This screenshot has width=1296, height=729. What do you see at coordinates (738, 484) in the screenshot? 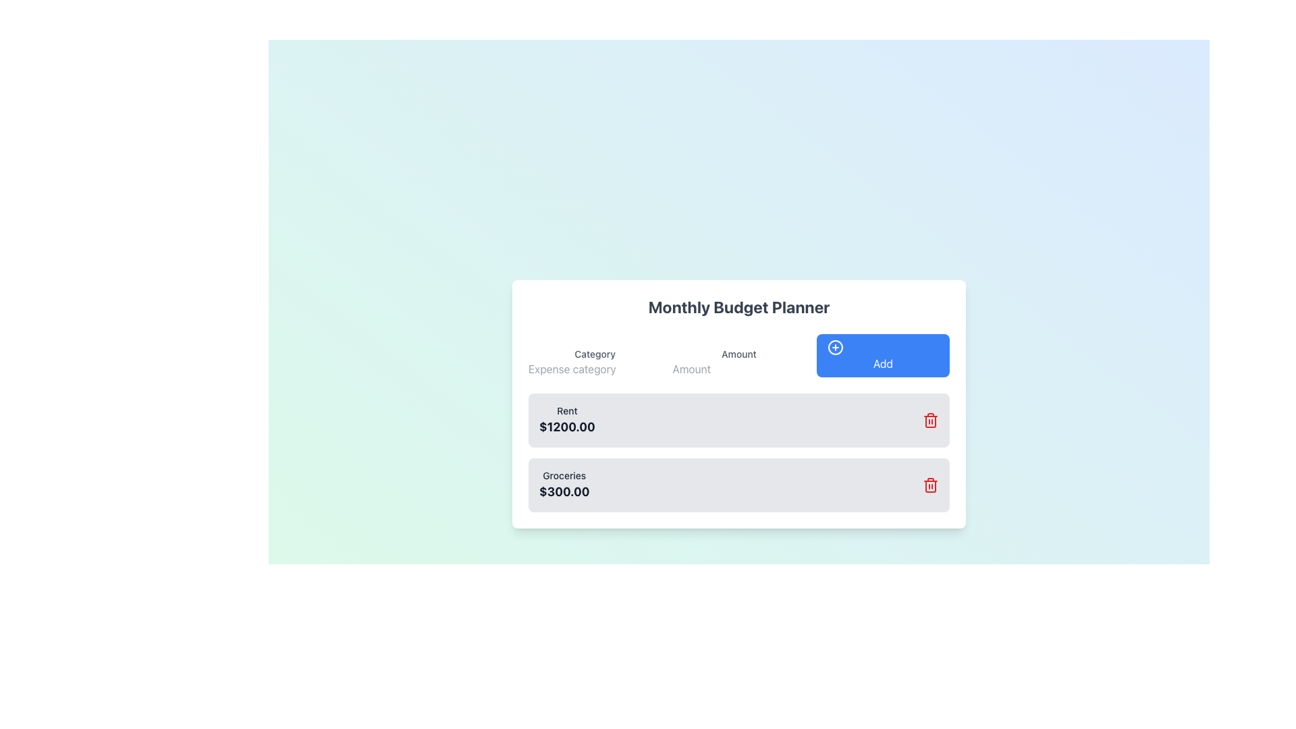
I see `the 'Groceries' expense category row` at bounding box center [738, 484].